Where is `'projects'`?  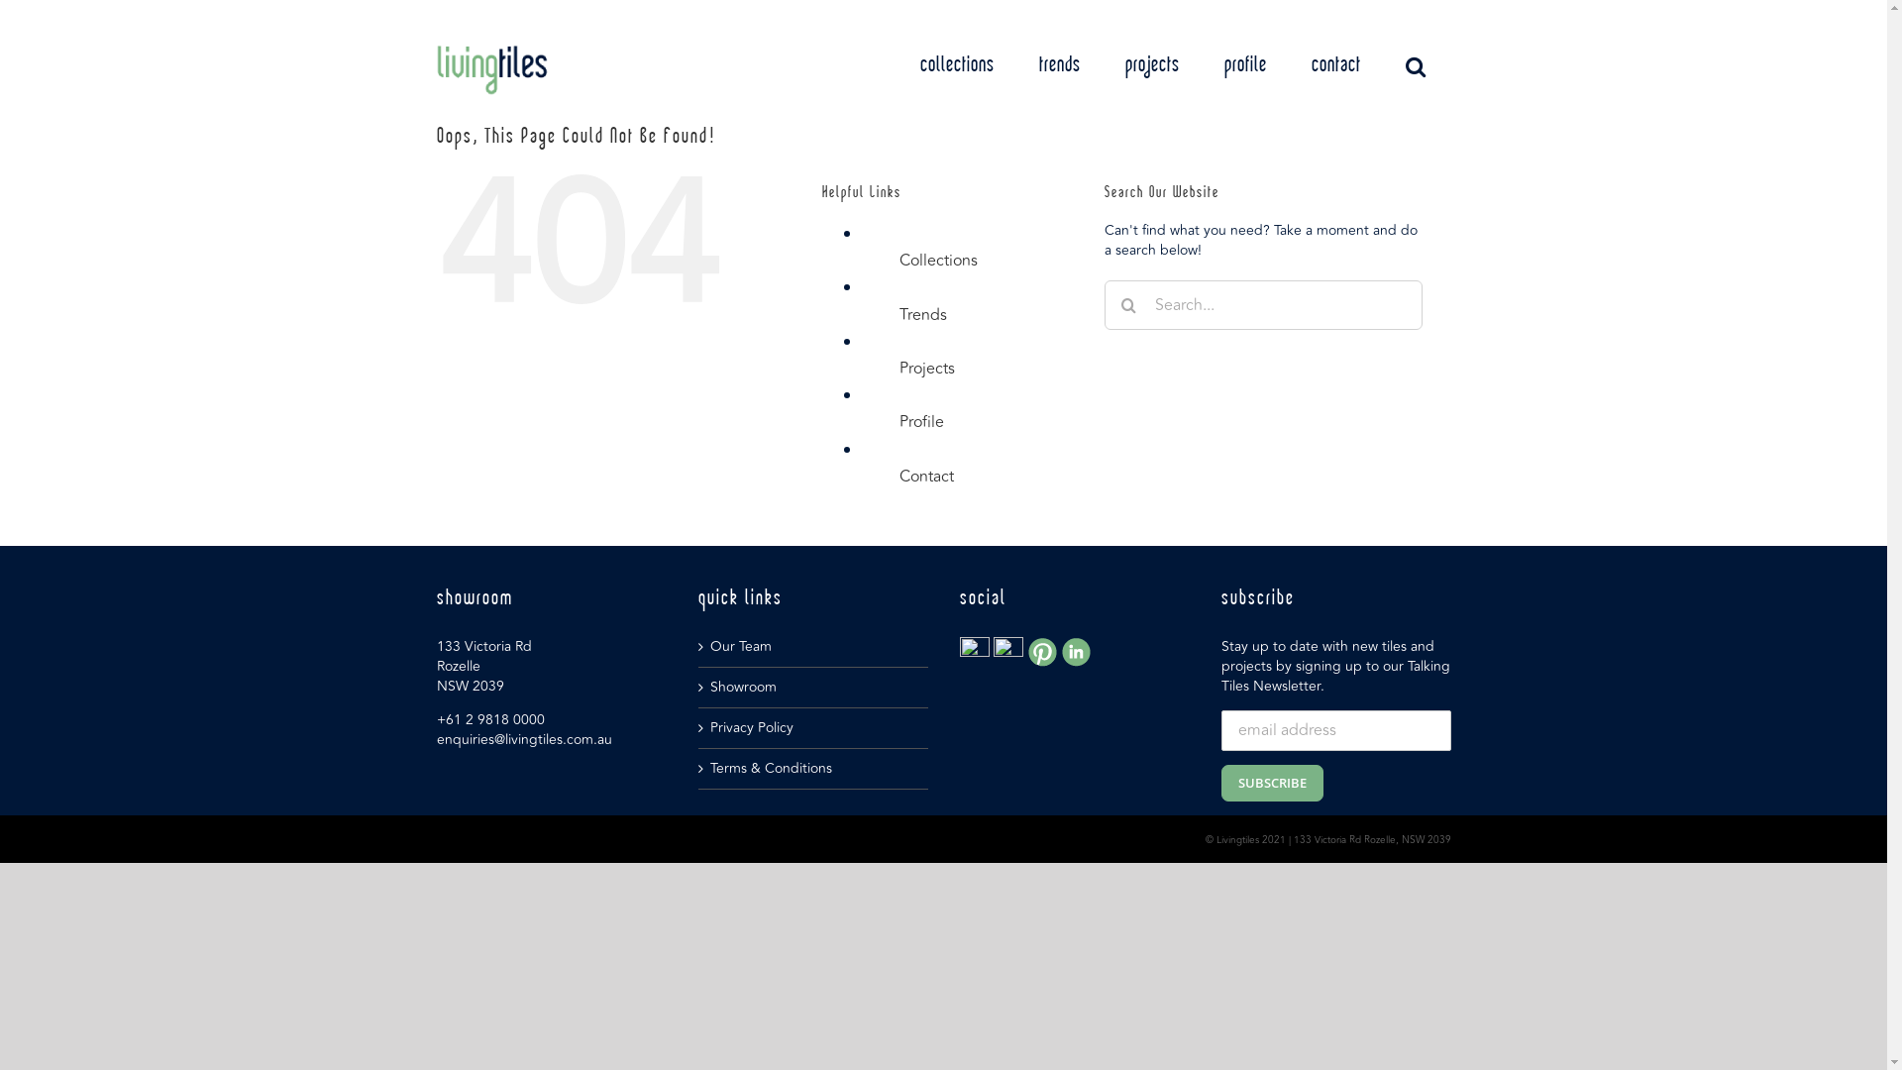
'projects' is located at coordinates (1152, 64).